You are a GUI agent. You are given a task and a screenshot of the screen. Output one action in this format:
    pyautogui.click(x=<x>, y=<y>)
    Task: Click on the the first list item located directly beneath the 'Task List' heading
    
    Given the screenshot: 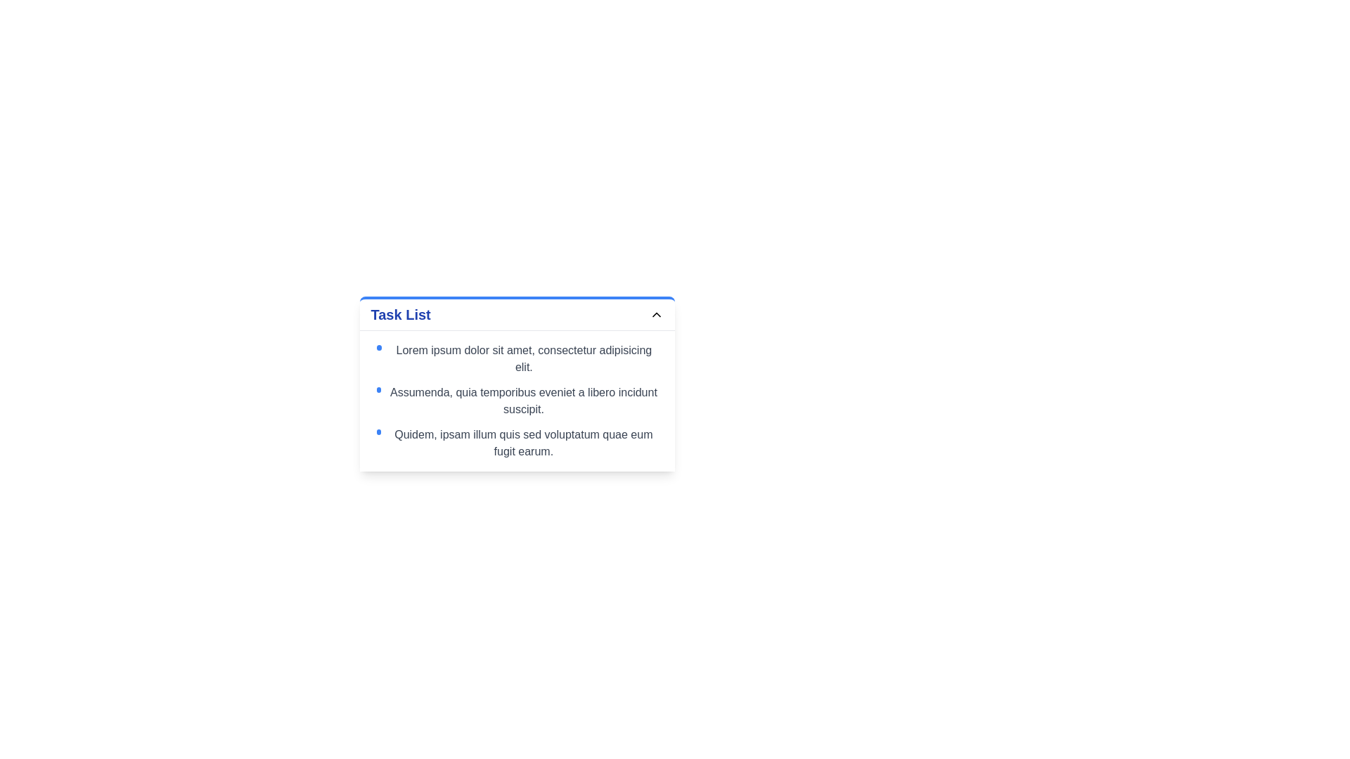 What is the action you would take?
    pyautogui.click(x=516, y=358)
    